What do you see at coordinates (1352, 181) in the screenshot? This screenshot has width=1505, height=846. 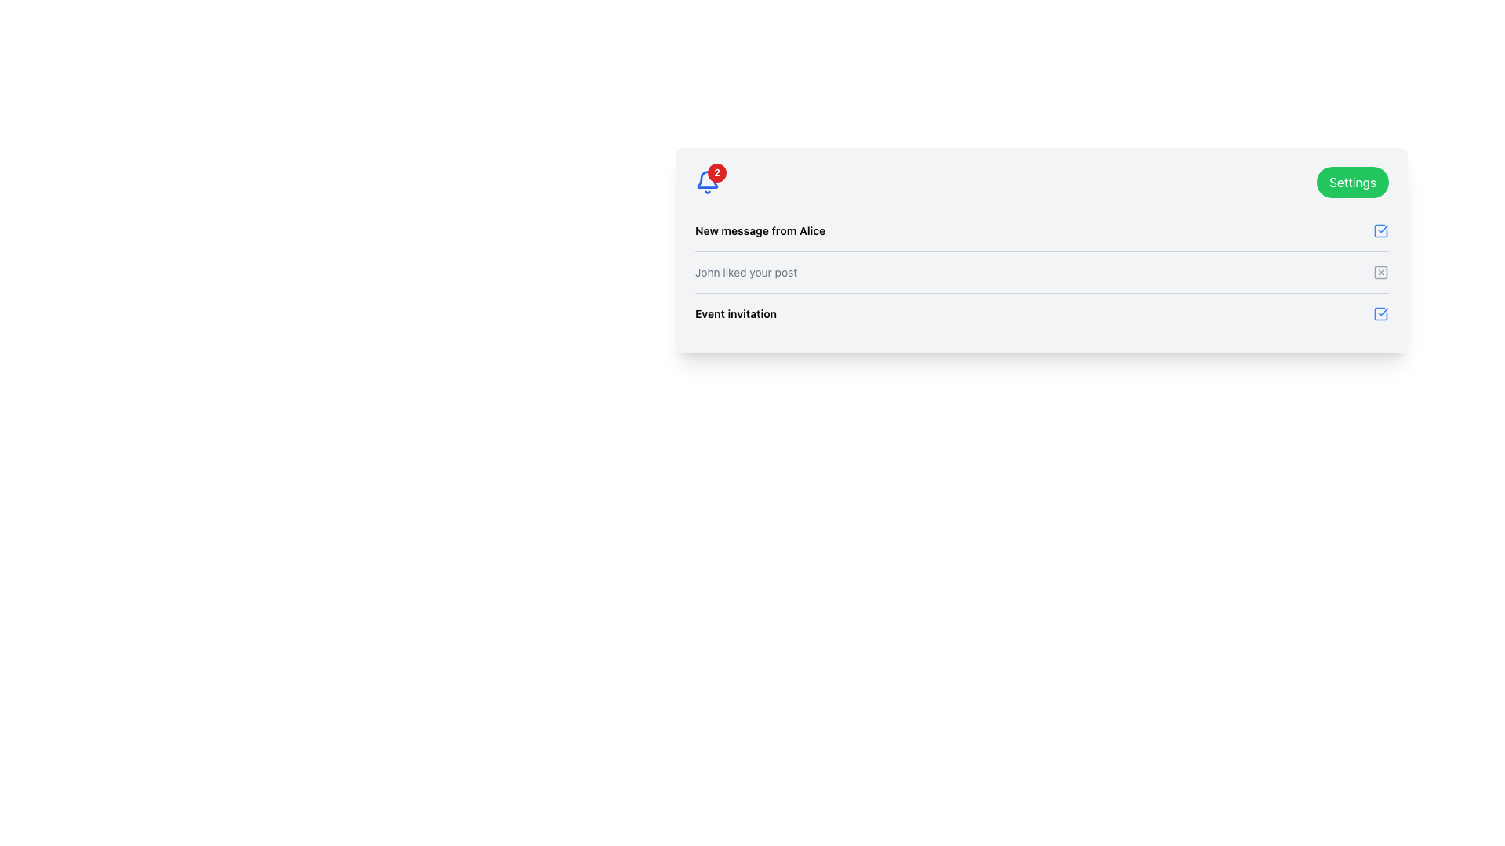 I see `the 'Settings' button, a green button with rounded edges and white text, for keyboard interaction` at bounding box center [1352, 181].